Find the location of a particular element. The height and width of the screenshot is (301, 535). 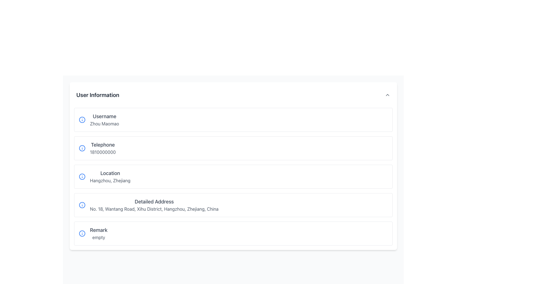

the textual label component that consists of the labels 'Remark' and 'empty', positioned at the bottom of the list within its card component, which is the last among similar cards displayed in a column is located at coordinates (99, 233).